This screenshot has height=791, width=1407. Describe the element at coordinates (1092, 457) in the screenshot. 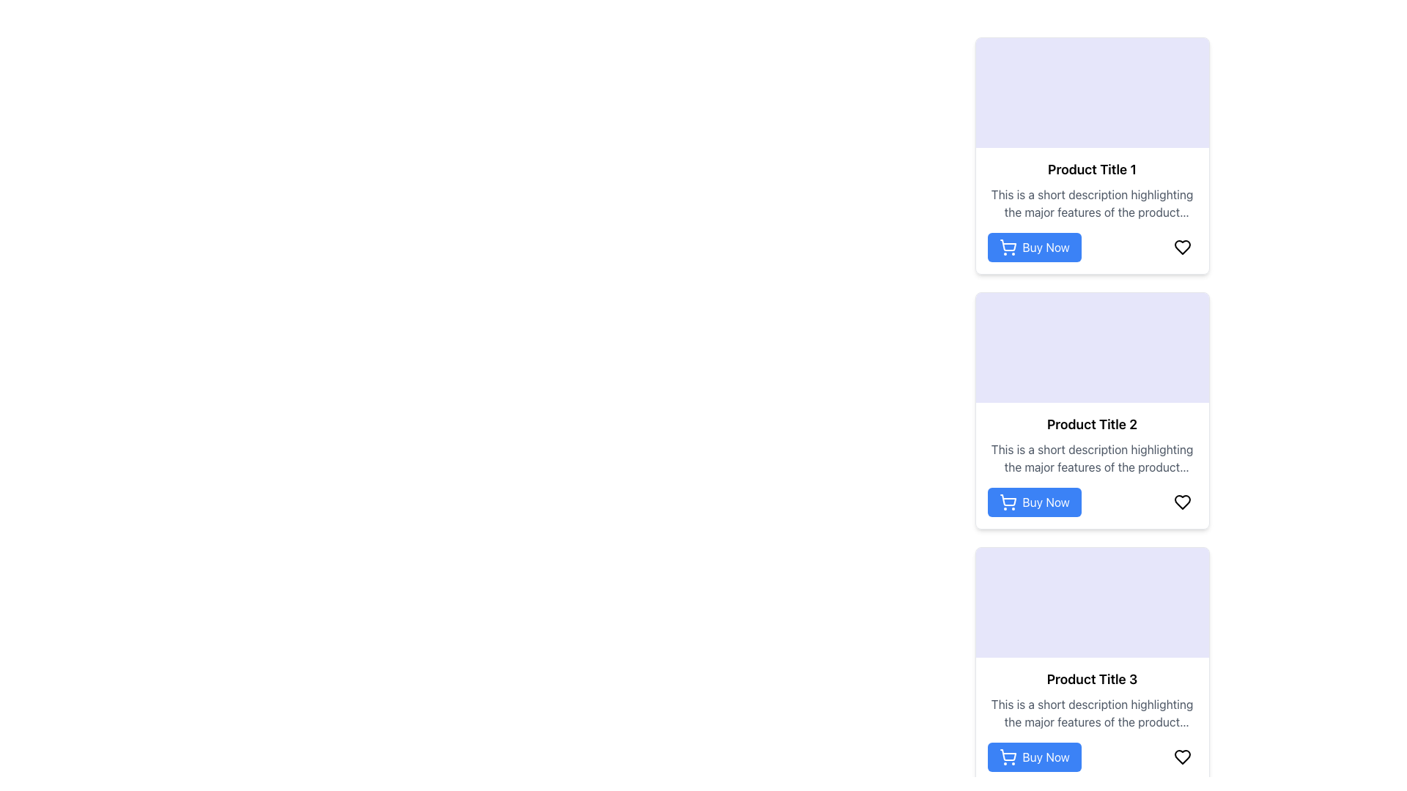

I see `the Text Label that provides a brief description of the associated product, located below the heading 'Product Title 2' in the second tile of the product grid` at that location.